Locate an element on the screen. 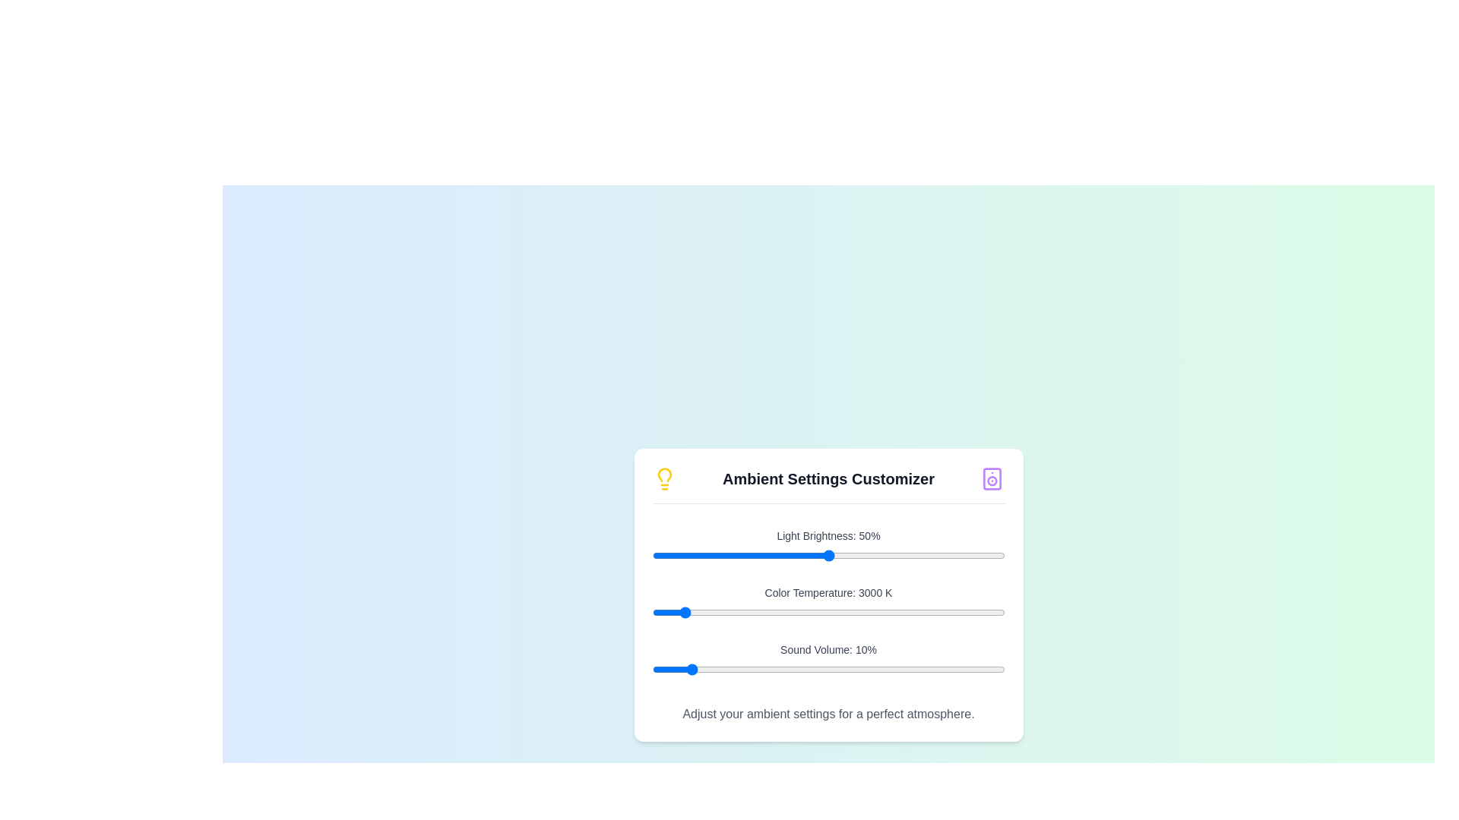 This screenshot has height=820, width=1459. the sound volume is located at coordinates (954, 669).